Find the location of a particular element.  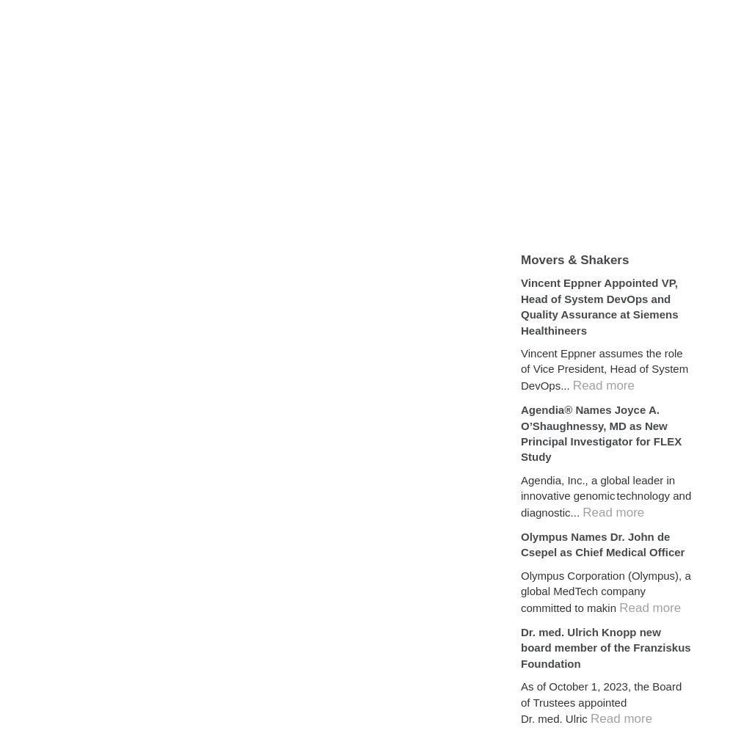

'Dr. med. Ulrich Knopp new board member of the Franziskus Foundation' is located at coordinates (605, 647).